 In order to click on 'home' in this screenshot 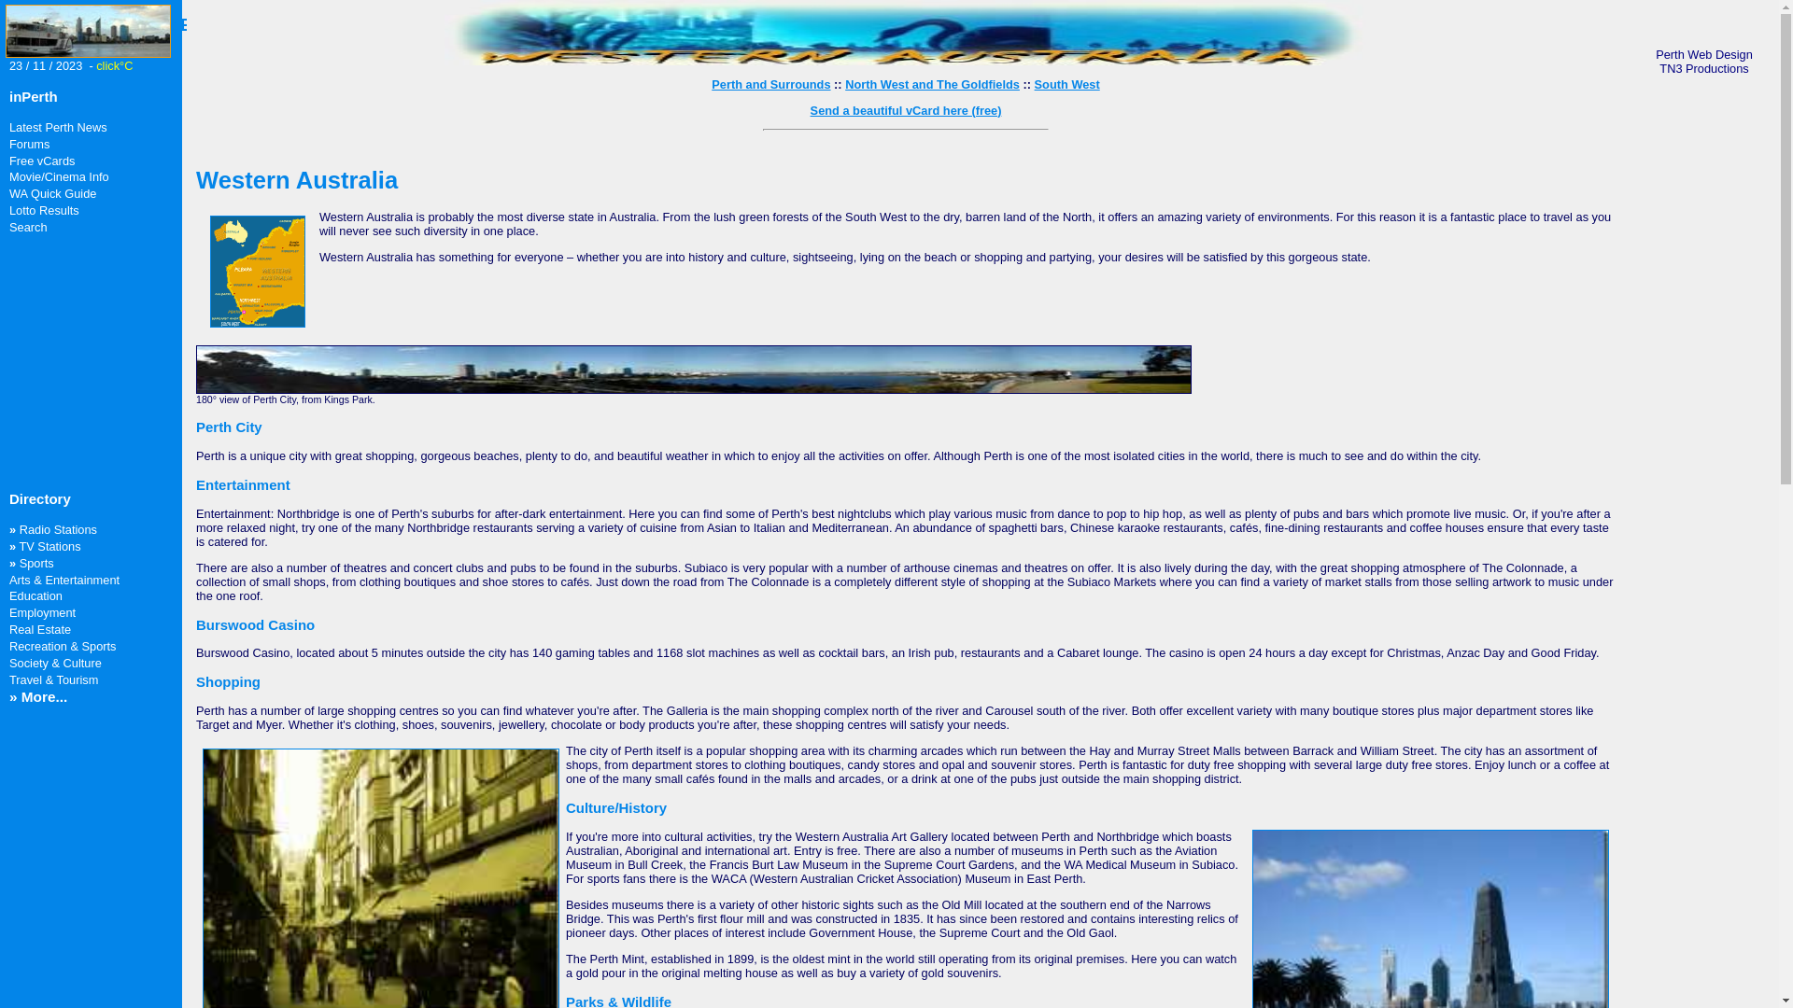, I will do `click(89, 52)`.